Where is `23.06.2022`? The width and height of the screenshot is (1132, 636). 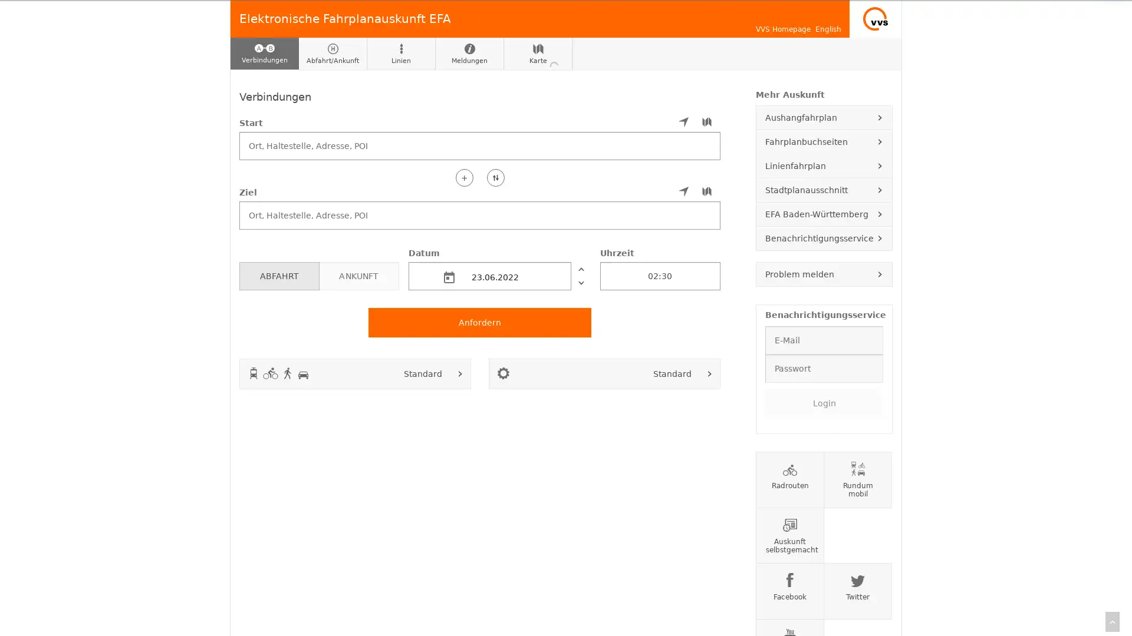
23.06.2022 is located at coordinates (489, 275).